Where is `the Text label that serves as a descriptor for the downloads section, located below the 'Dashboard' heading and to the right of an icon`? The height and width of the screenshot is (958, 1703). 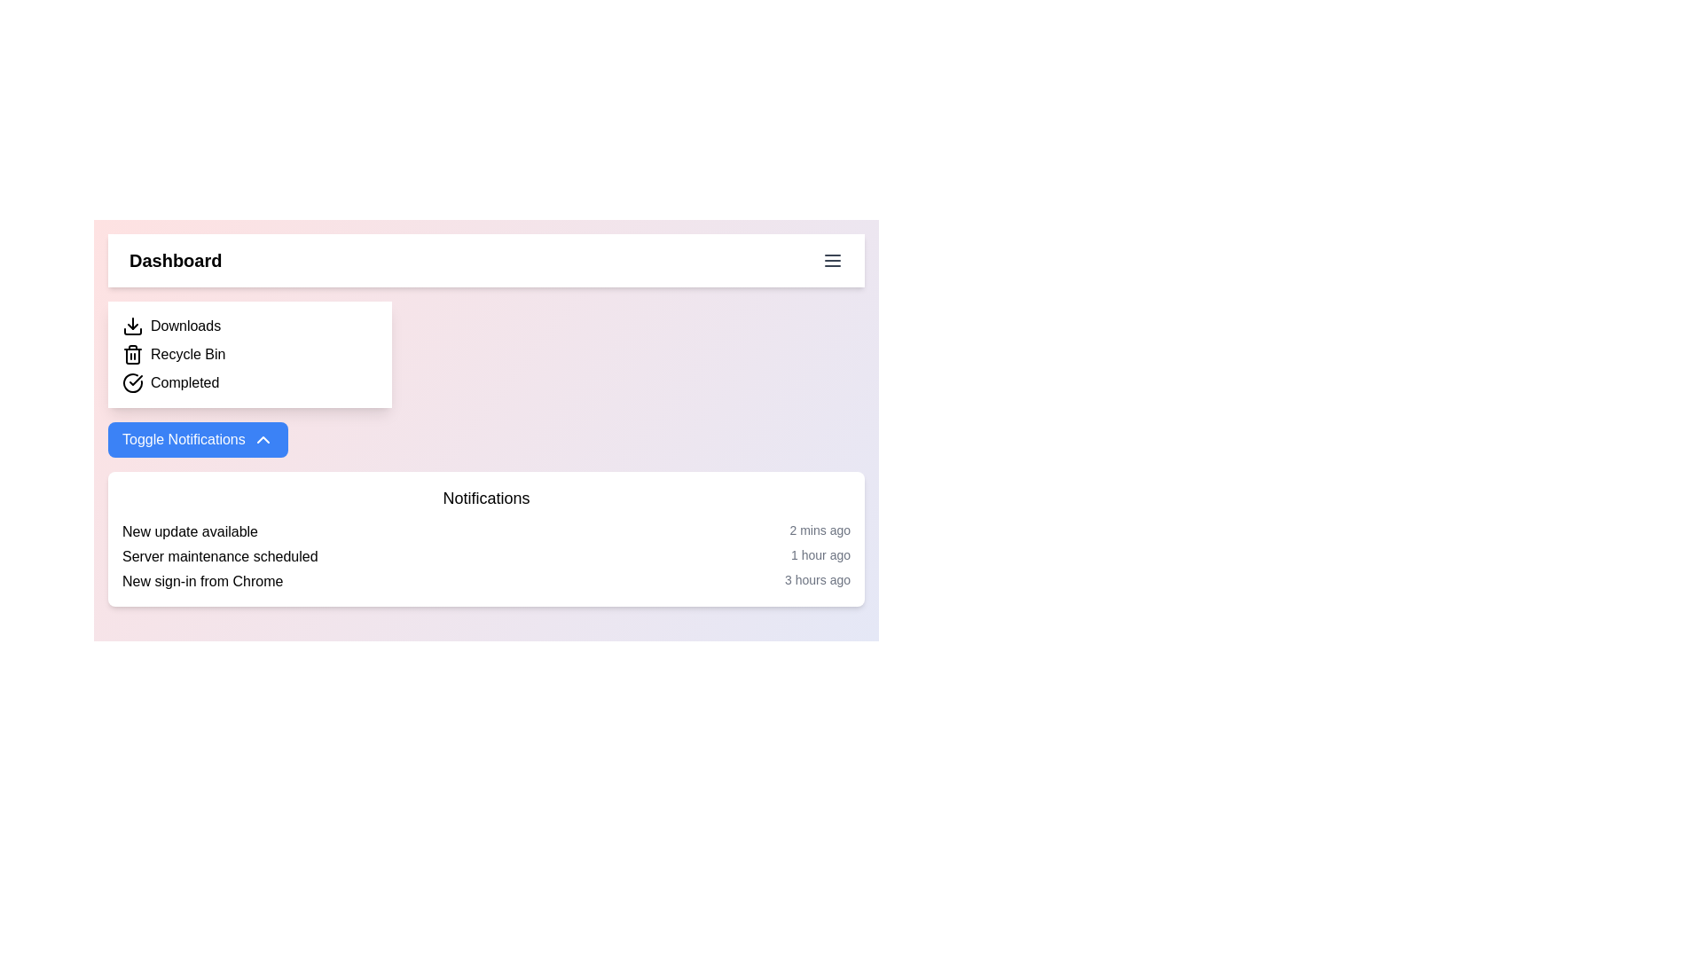 the Text label that serves as a descriptor for the downloads section, located below the 'Dashboard' heading and to the right of an icon is located at coordinates (185, 326).